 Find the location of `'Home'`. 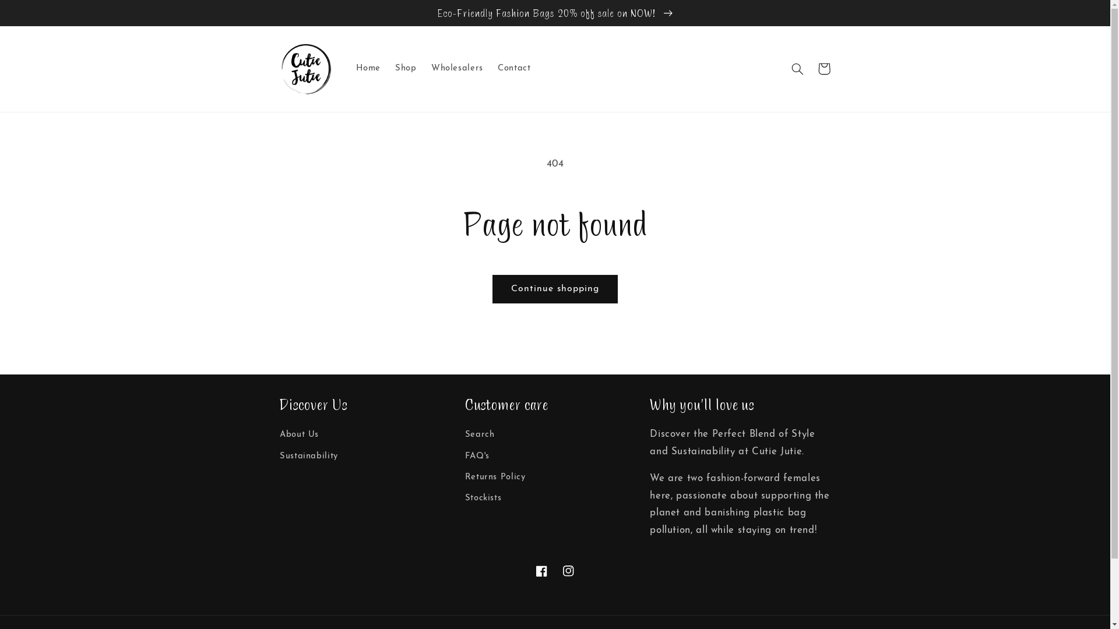

'Home' is located at coordinates (368, 69).